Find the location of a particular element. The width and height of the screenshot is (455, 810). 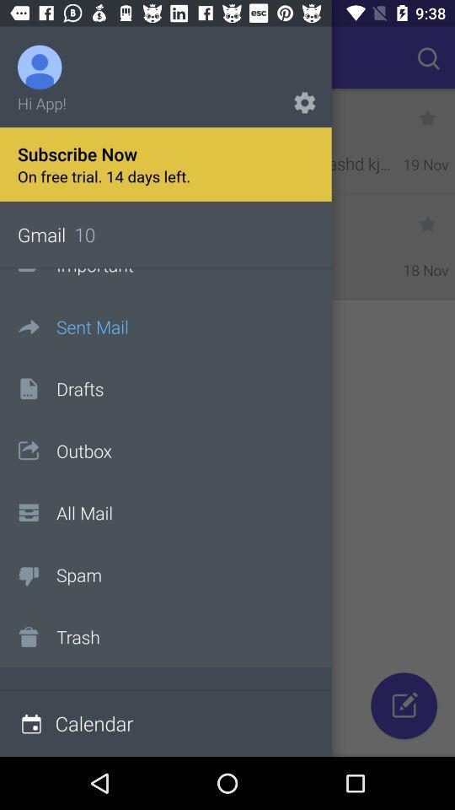

the edit icon is located at coordinates (403, 705).